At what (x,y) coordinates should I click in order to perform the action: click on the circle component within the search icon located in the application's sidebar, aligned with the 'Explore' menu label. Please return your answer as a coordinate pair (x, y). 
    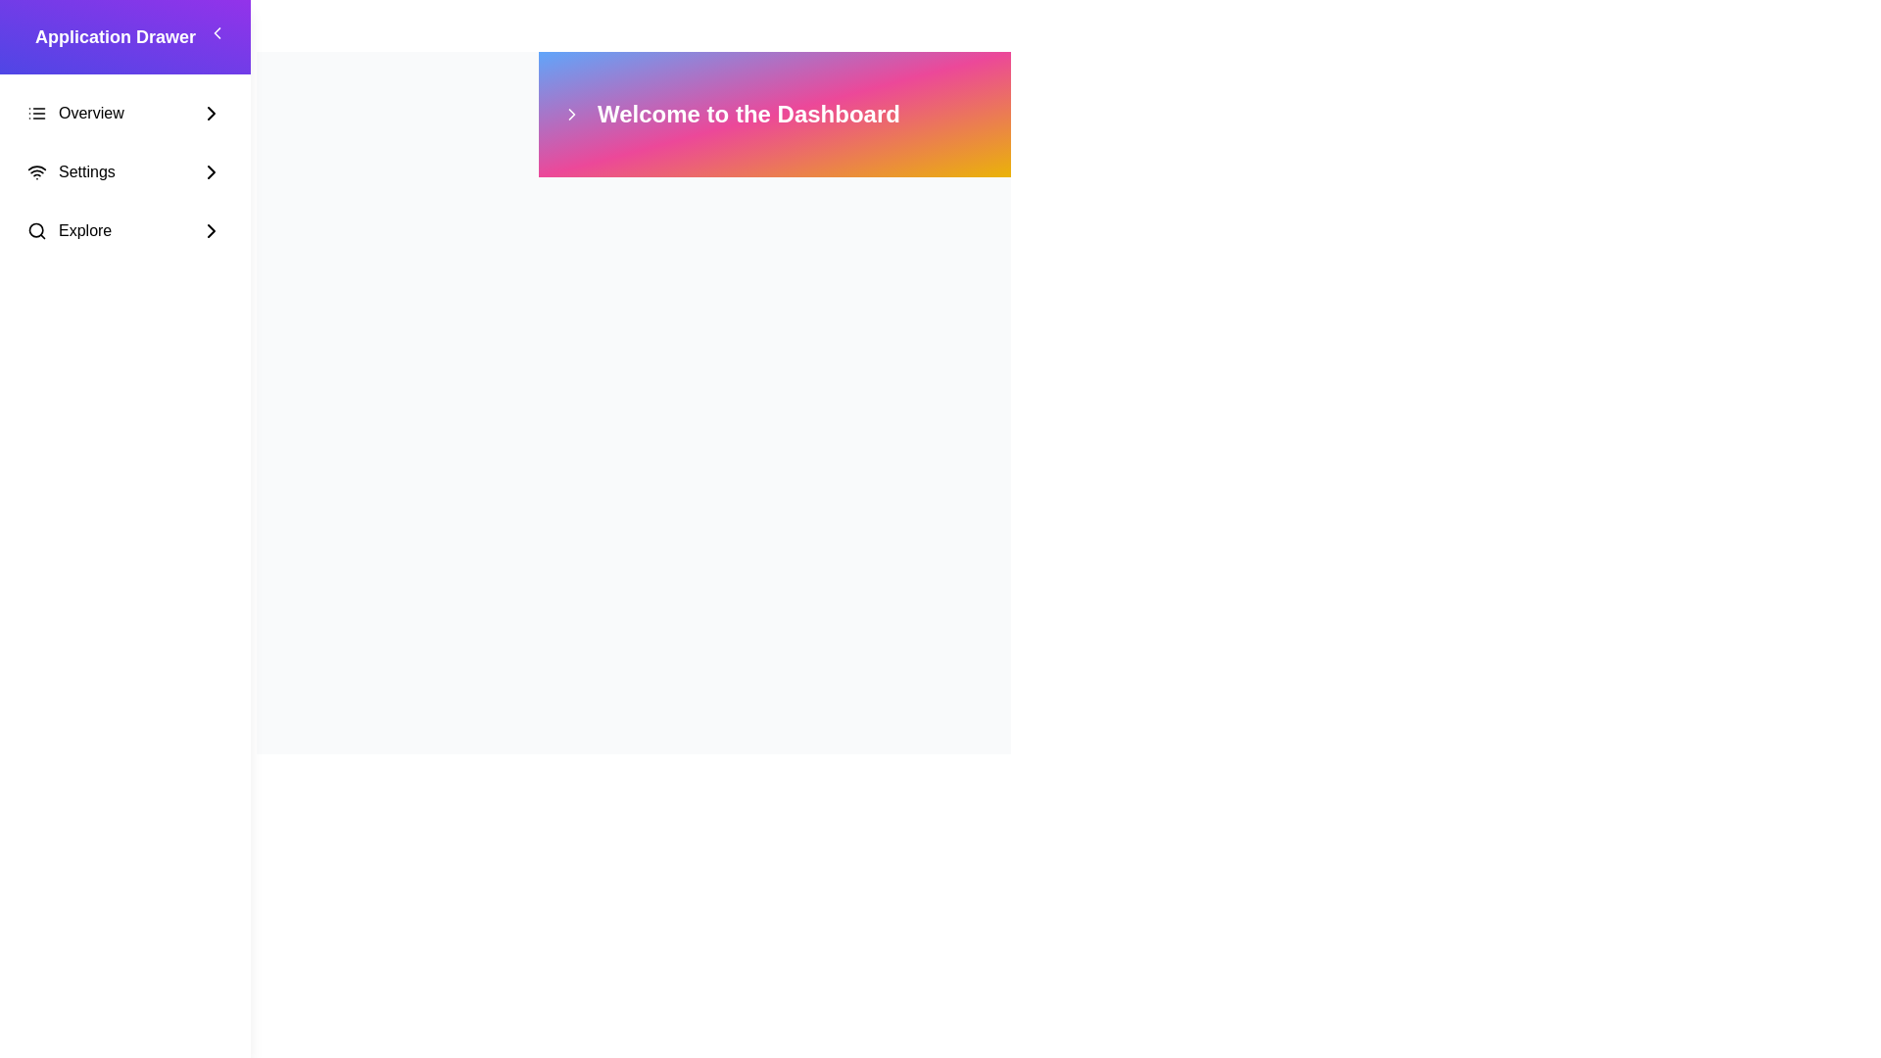
    Looking at the image, I should click on (36, 229).